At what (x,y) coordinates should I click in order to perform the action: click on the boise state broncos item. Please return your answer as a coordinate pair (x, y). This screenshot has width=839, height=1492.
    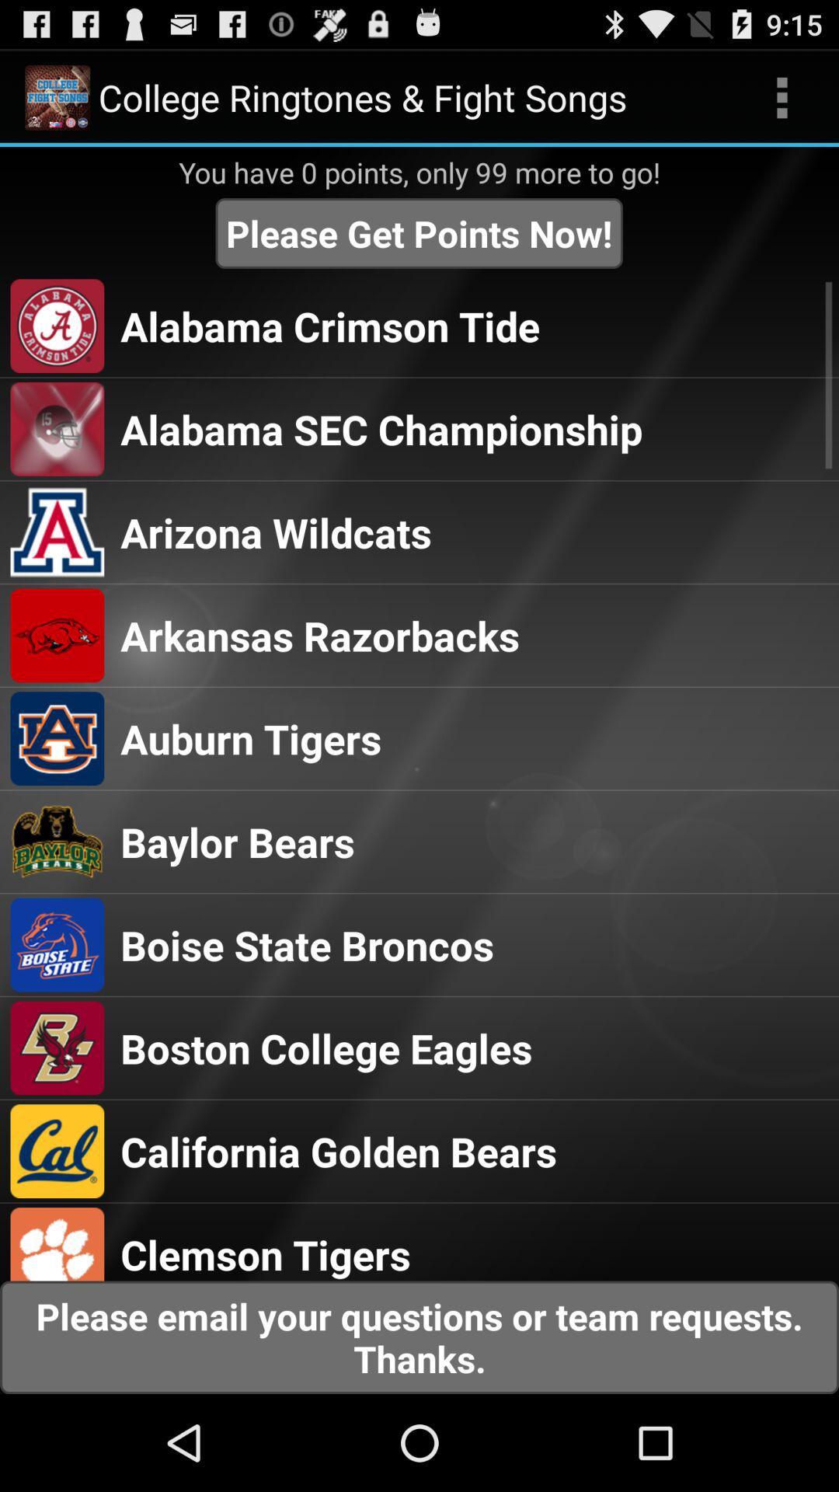
    Looking at the image, I should click on (307, 944).